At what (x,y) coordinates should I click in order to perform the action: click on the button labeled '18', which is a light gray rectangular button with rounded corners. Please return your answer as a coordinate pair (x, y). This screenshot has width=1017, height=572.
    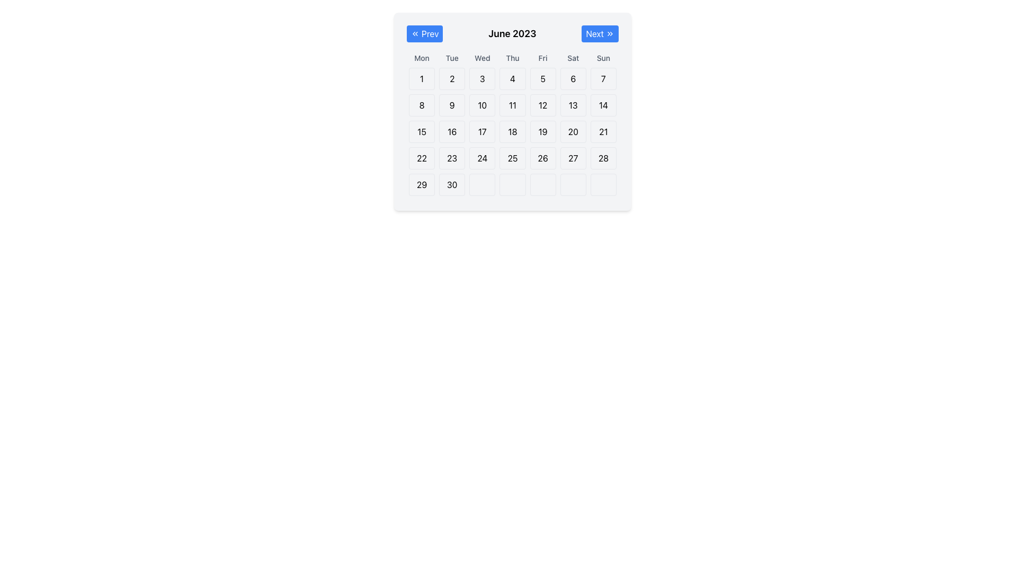
    Looking at the image, I should click on (513, 131).